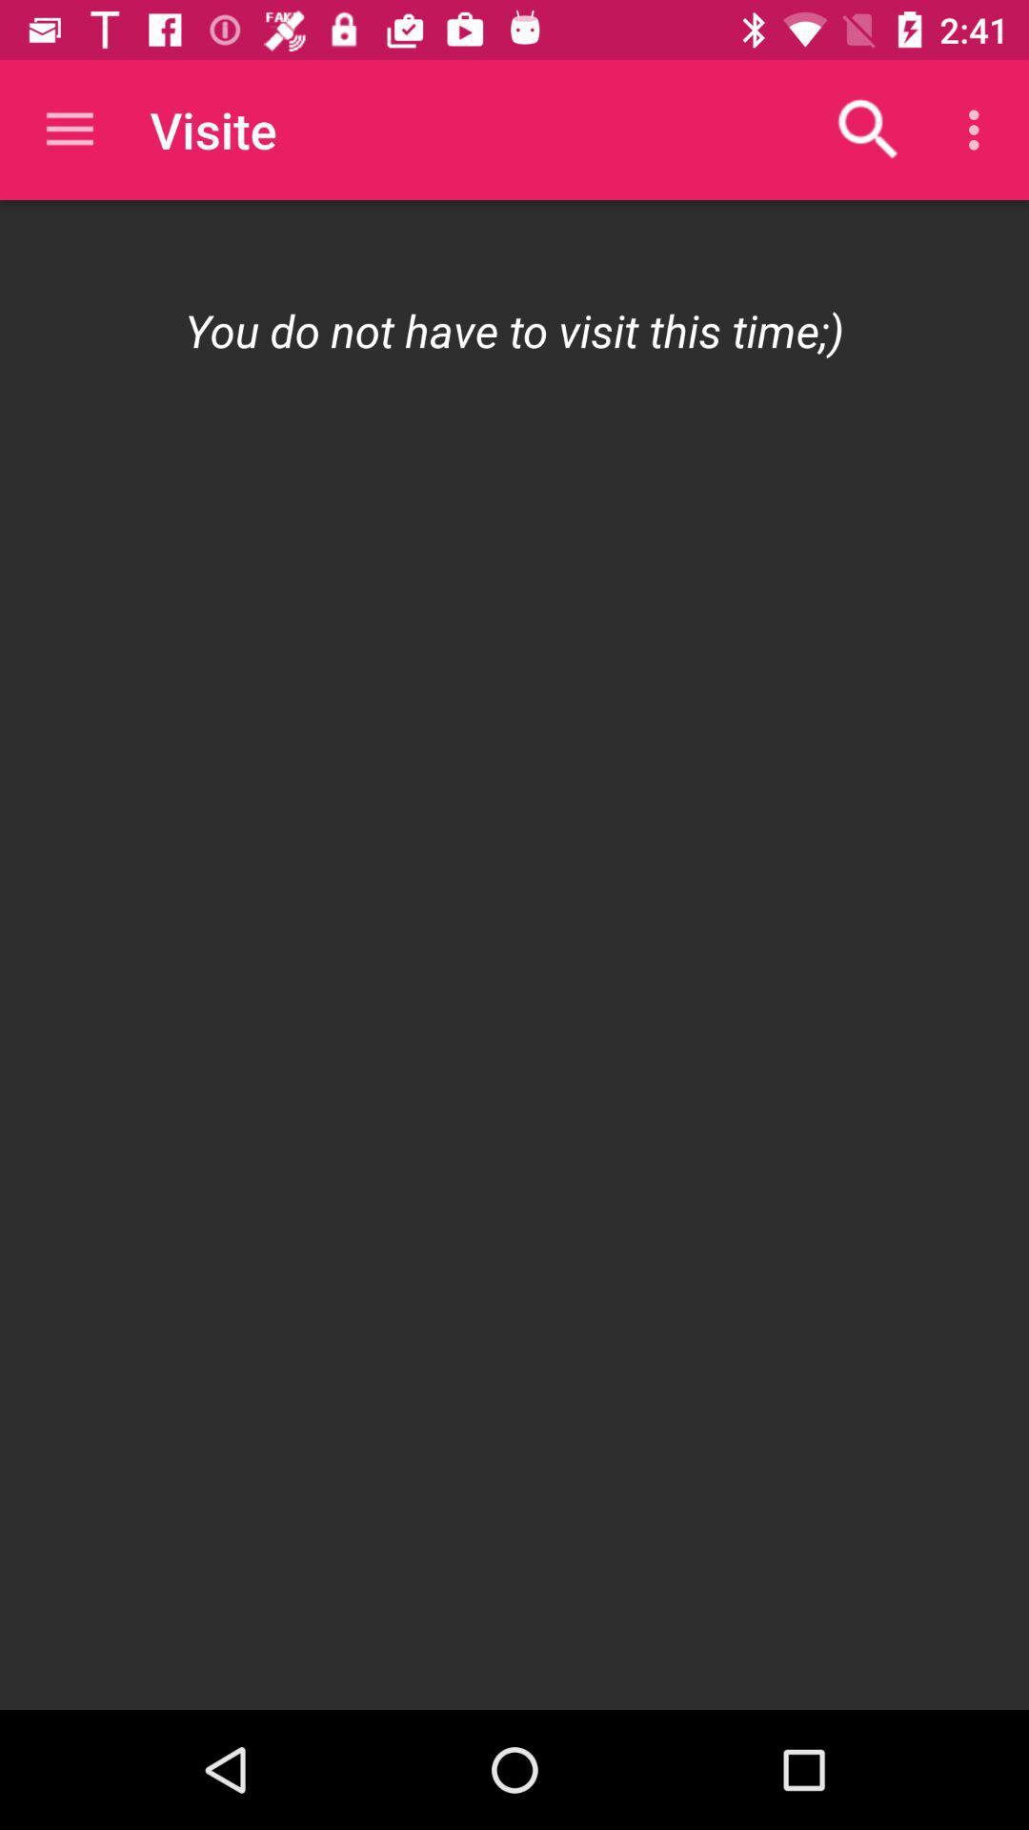 The width and height of the screenshot is (1029, 1830). What do you see at coordinates (868, 129) in the screenshot?
I see `the icon to the right of the visite icon` at bounding box center [868, 129].